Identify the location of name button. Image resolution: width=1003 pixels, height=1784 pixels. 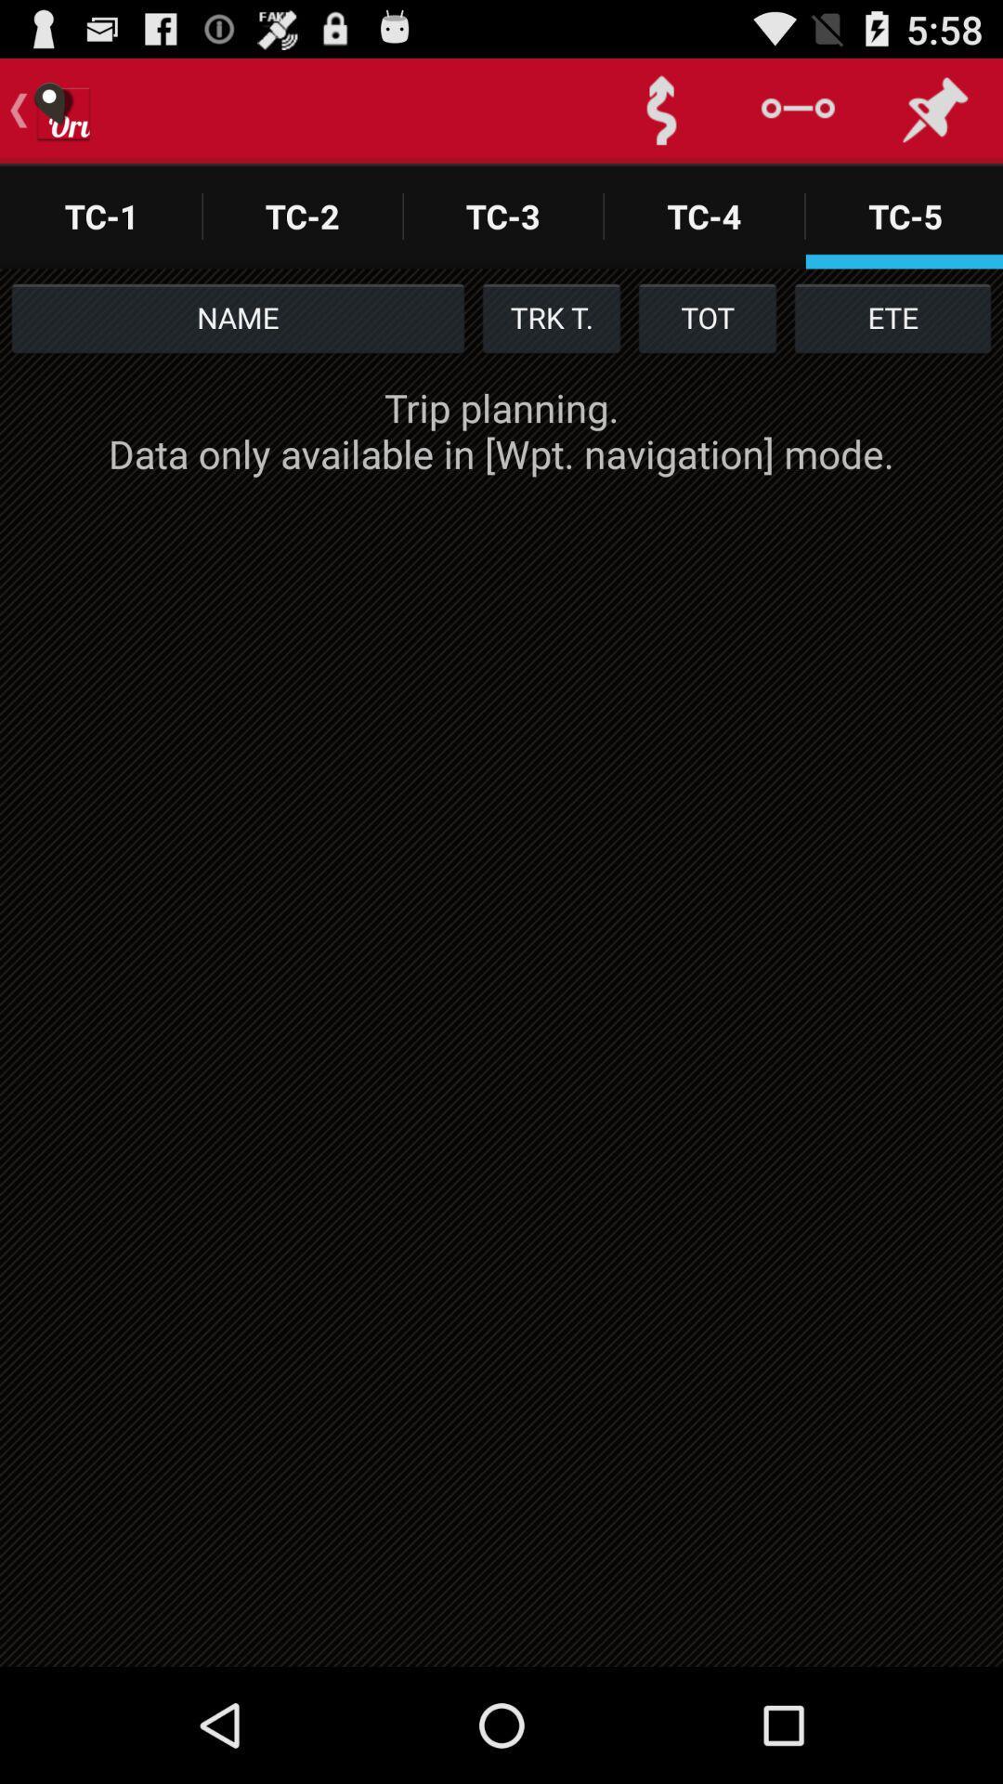
(237, 317).